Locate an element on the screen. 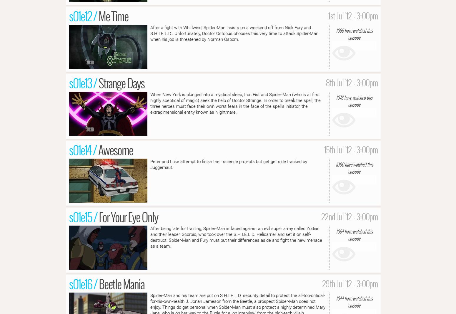 This screenshot has height=314, width=456. 'Peter and Luke attempt to finish their science projects but get get side tracked by Juggernaut.' is located at coordinates (228, 164).